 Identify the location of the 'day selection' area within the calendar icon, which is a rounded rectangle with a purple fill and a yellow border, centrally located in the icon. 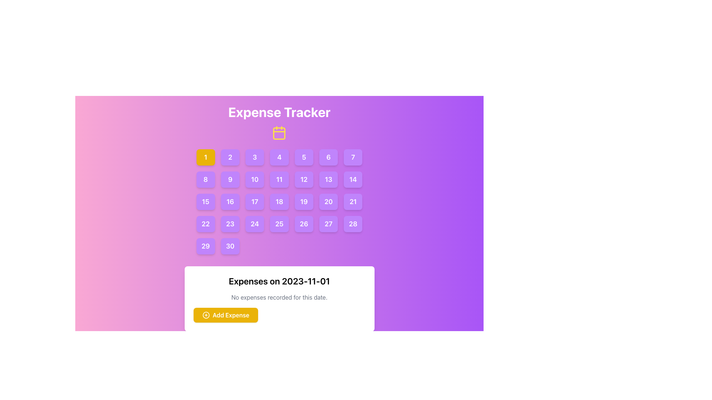
(279, 133).